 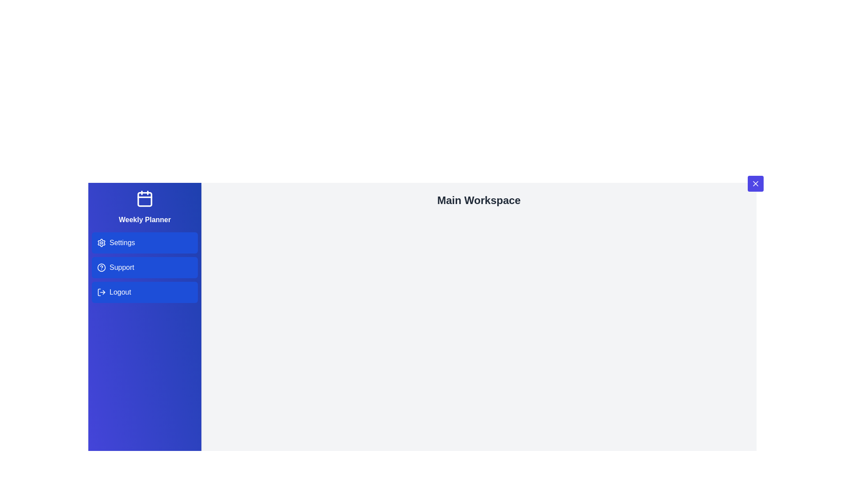 I want to click on toggle button at the top-right corner of the drawer to toggle its open/close state, so click(x=755, y=183).